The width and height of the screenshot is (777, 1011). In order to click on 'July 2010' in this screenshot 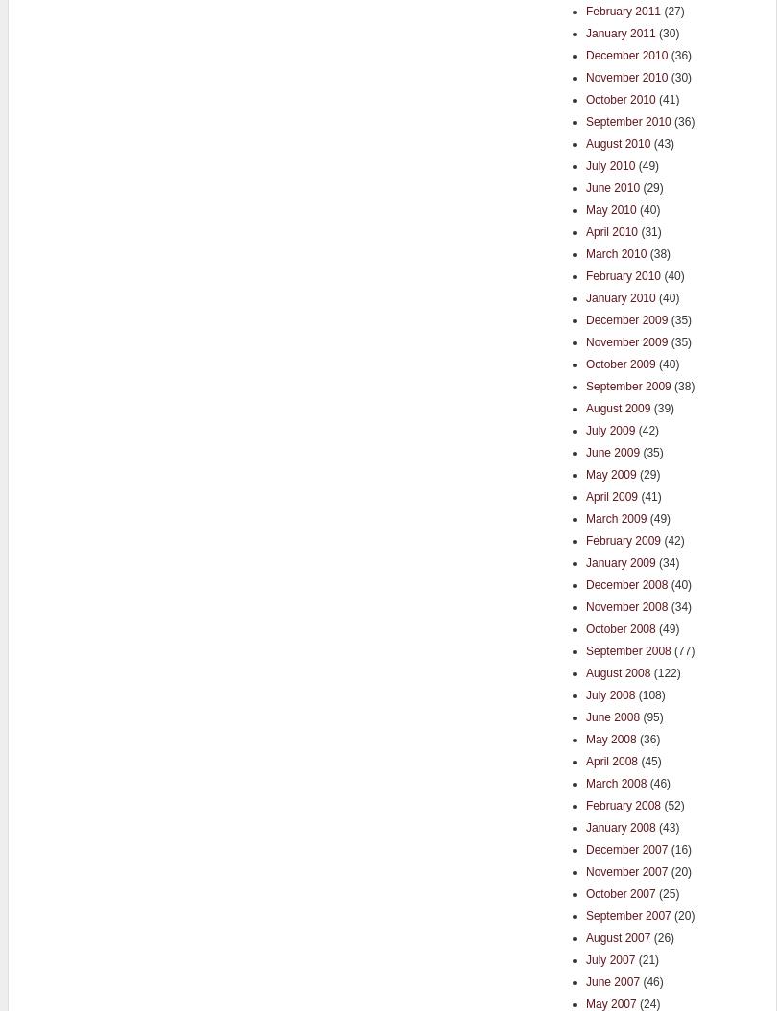, I will do `click(609, 164)`.